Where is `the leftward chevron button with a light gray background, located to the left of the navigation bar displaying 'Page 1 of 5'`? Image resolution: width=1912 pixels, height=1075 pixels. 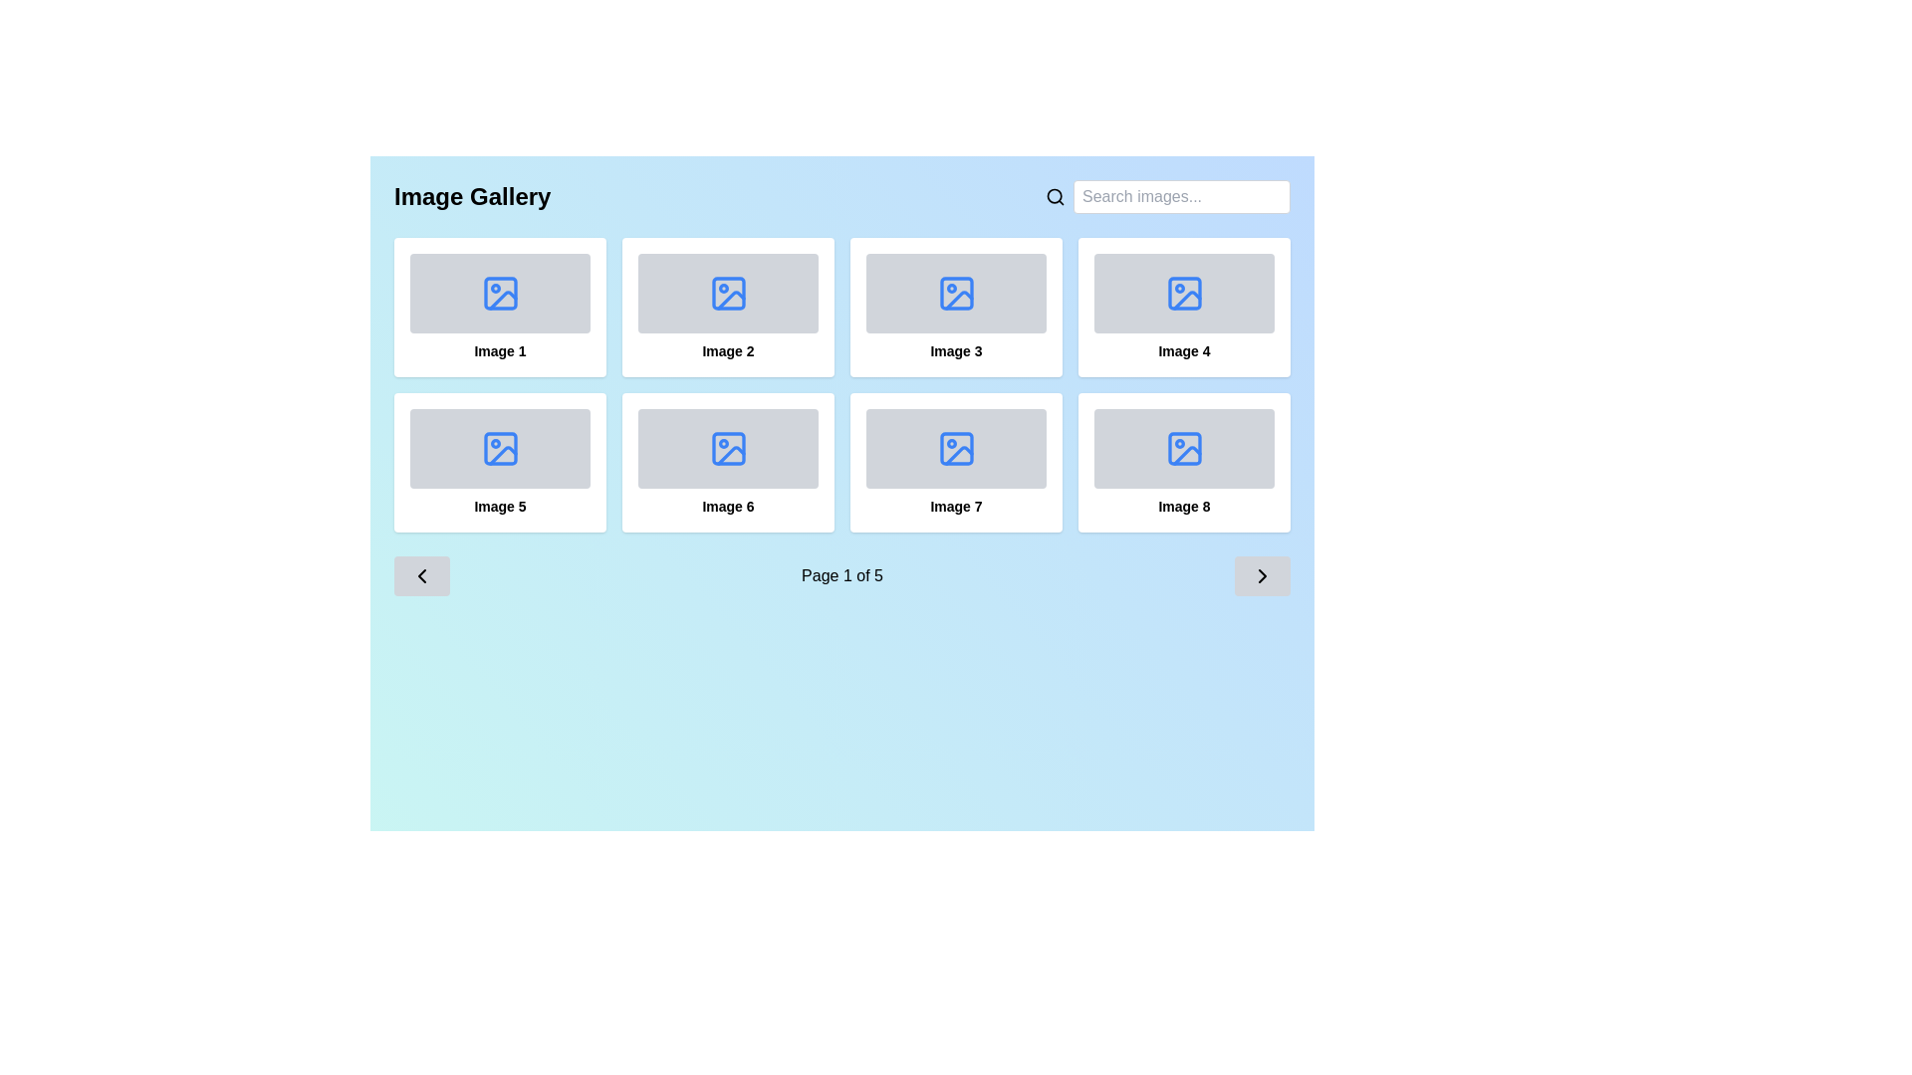
the leftward chevron button with a light gray background, located to the left of the navigation bar displaying 'Page 1 of 5' is located at coordinates (420, 575).